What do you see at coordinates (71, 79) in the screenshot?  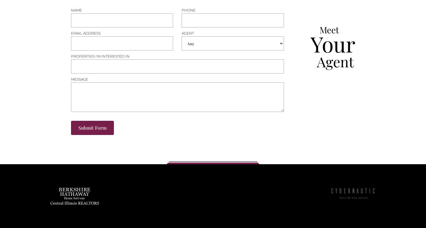 I see `'Message'` at bounding box center [71, 79].